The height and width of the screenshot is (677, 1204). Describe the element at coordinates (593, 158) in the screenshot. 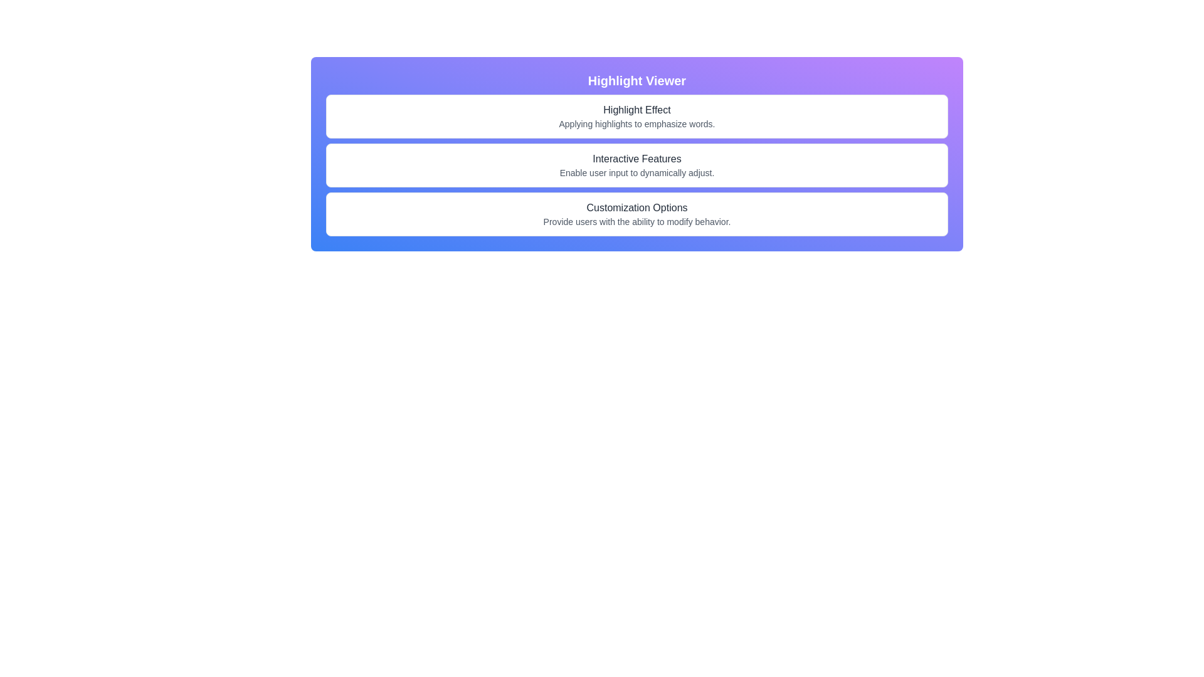

I see `the first character of the text 'Interactive Features', which is located centrally in the page layout` at that location.